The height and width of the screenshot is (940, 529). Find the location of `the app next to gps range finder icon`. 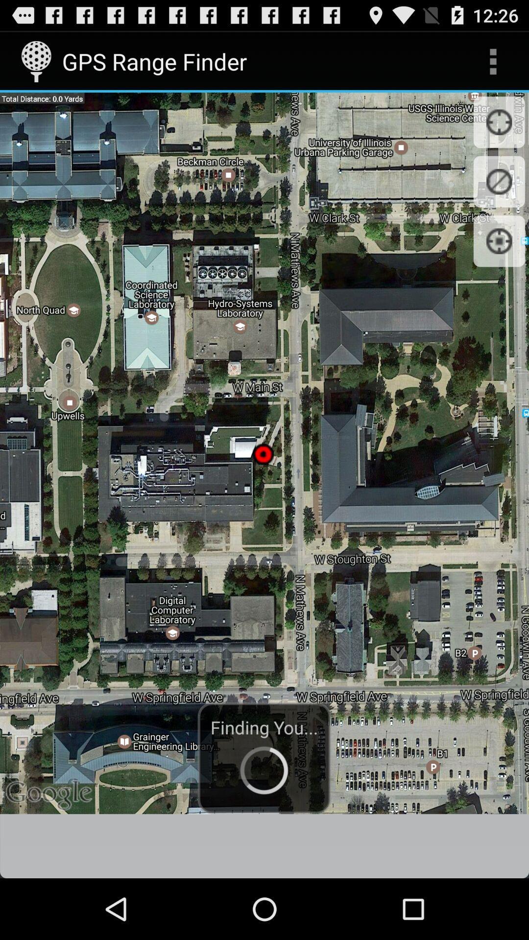

the app next to gps range finder icon is located at coordinates (493, 61).